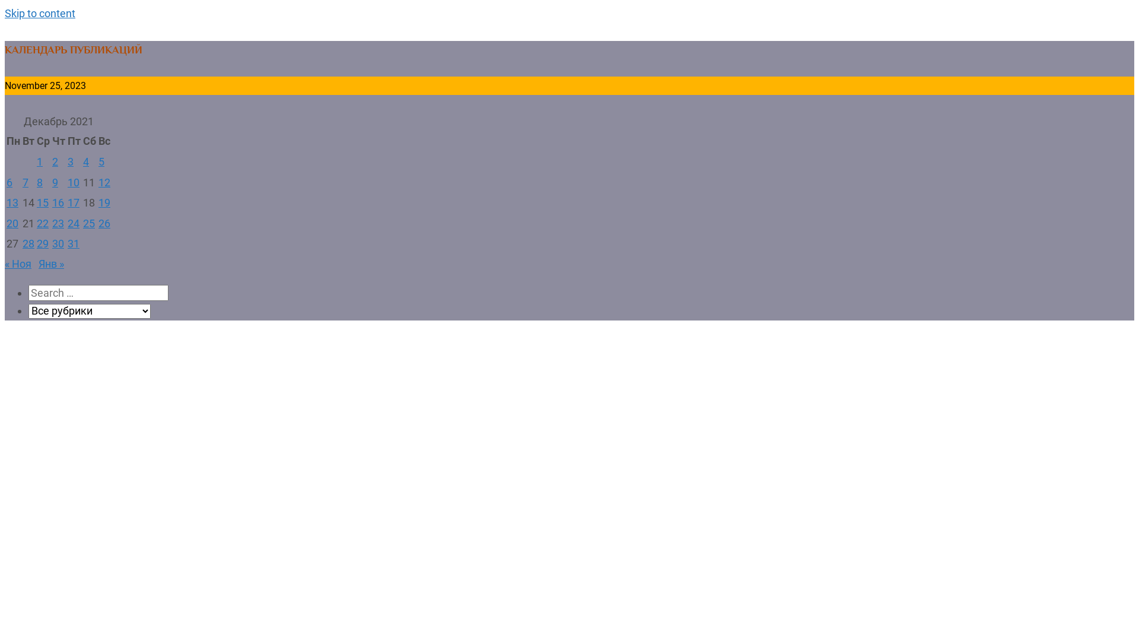  I want to click on '12', so click(98, 182).